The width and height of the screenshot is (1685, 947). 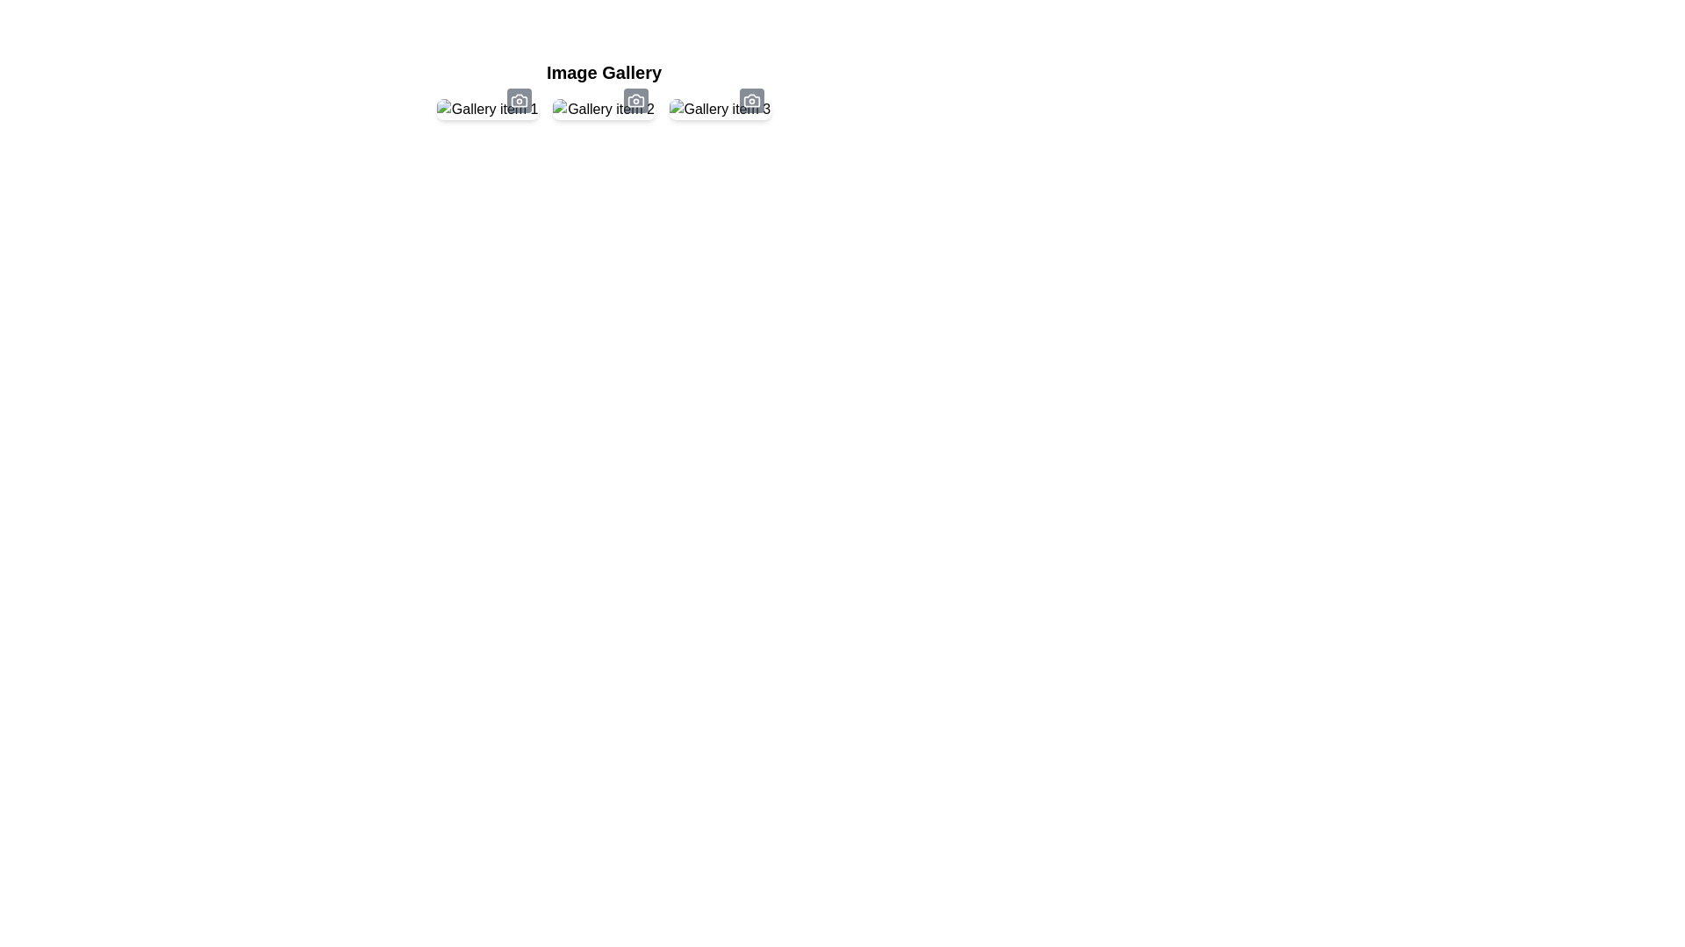 What do you see at coordinates (635, 101) in the screenshot?
I see `the camera icon, which is a gray-filled icon with black strokes located in the bottom-right corner of the second image gallery item` at bounding box center [635, 101].